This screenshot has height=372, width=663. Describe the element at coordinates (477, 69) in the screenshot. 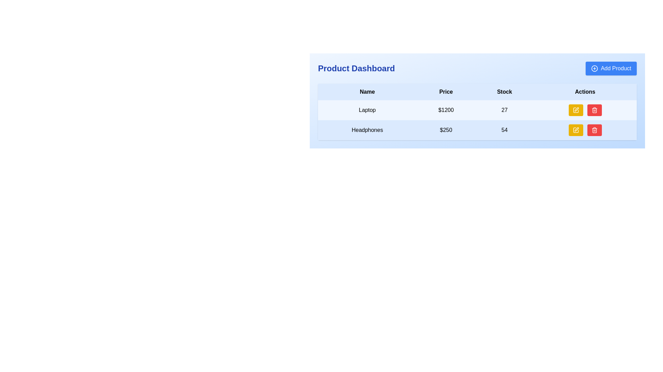

I see `the title bar of the product dashboard` at that location.